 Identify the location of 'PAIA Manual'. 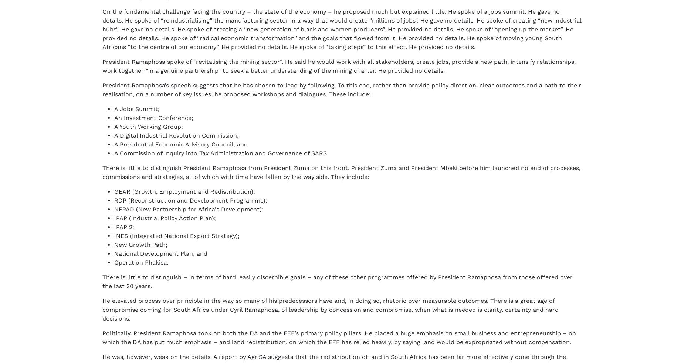
(200, 341).